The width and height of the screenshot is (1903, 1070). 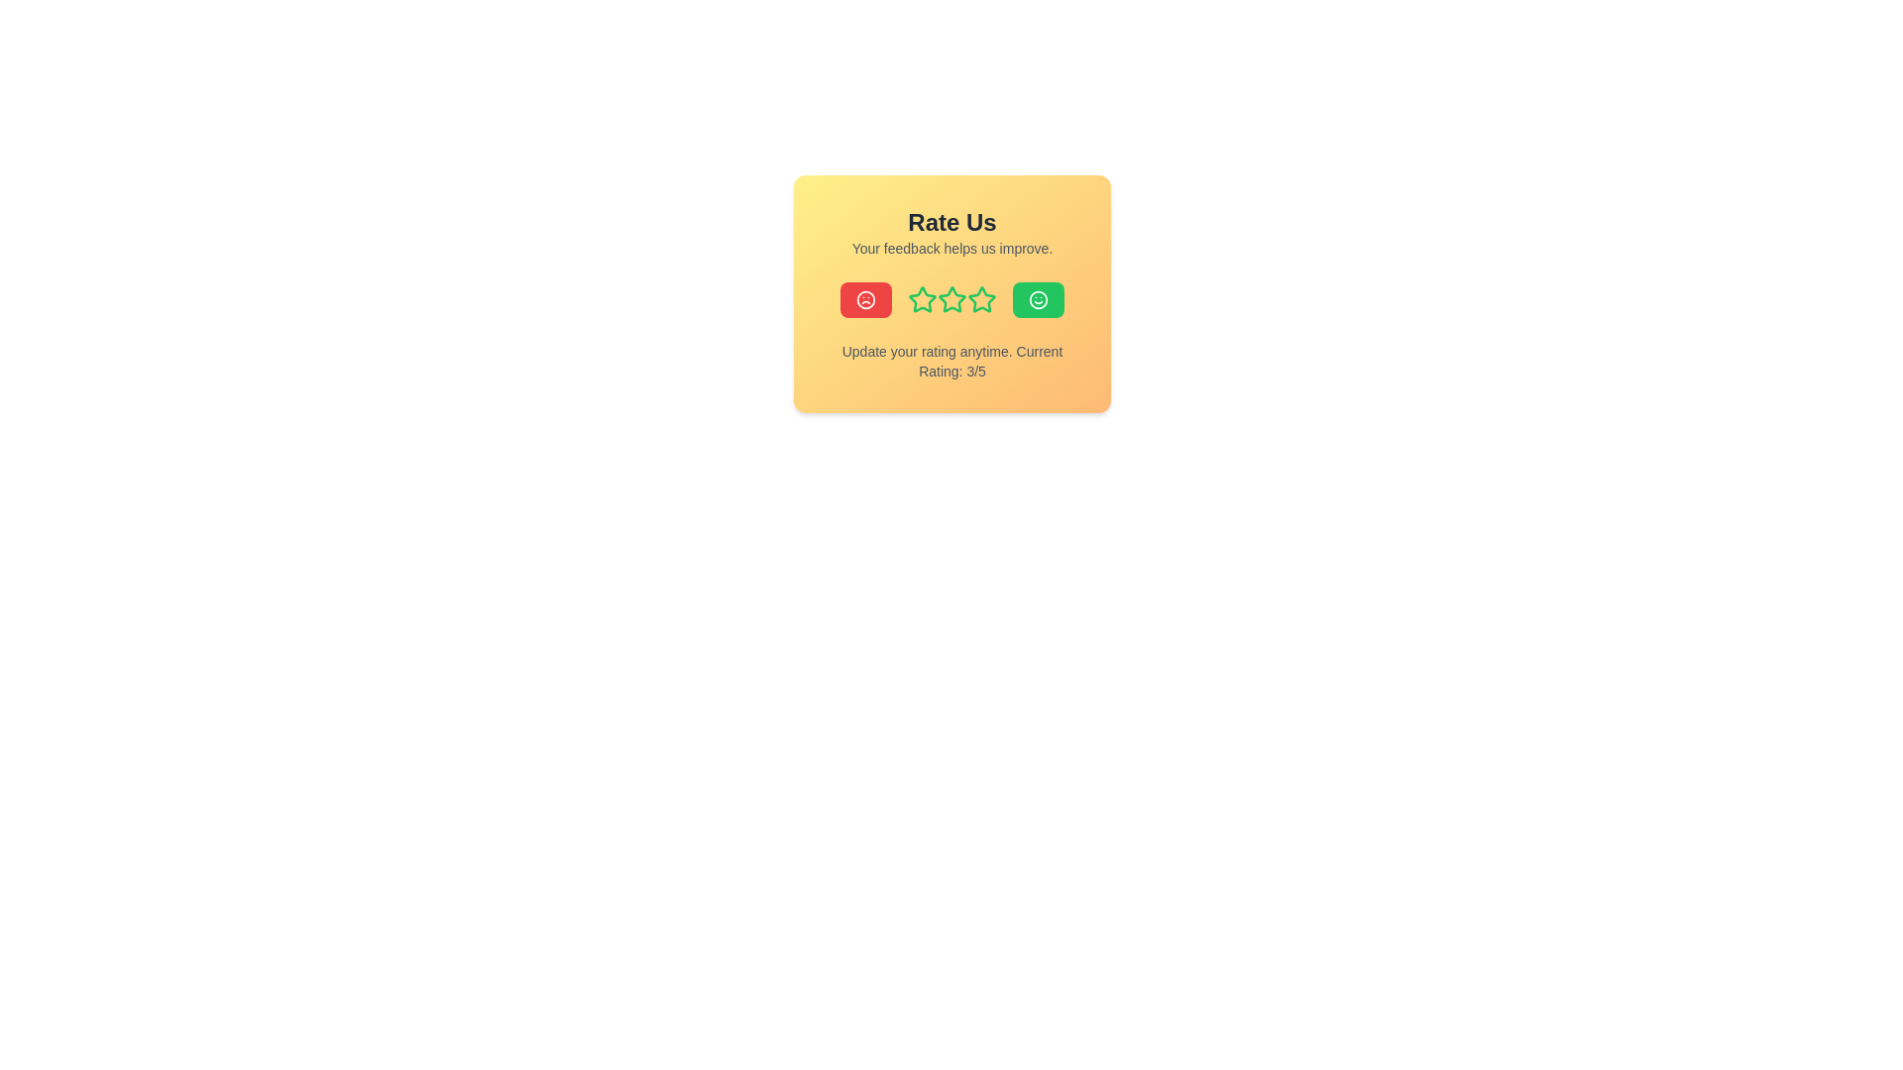 What do you see at coordinates (865, 300) in the screenshot?
I see `the frown emoticon icon outlined in a red circular button located on the left side of the 'Rate Us' header to provide feedback` at bounding box center [865, 300].